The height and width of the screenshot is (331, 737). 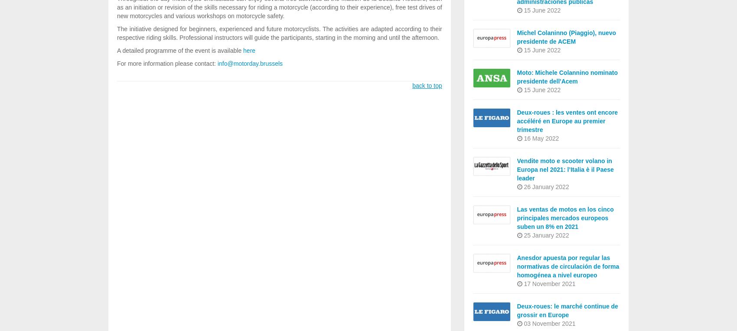 What do you see at coordinates (279, 33) in the screenshot?
I see `'The initiative designed for beginners, experienced and future motorcyclists. The activities are adapted according to their respective riding skills. Professional instructors will guide the participants, starting in the morning and until the afternoon.'` at bounding box center [279, 33].